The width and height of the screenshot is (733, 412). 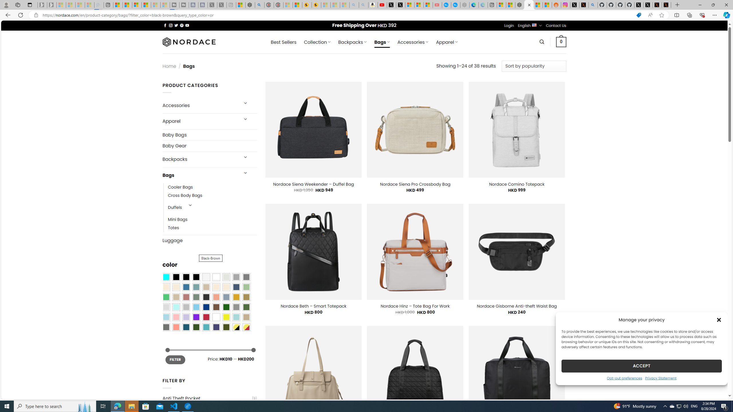 What do you see at coordinates (719, 320) in the screenshot?
I see `'Class: cmplz-close'` at bounding box center [719, 320].